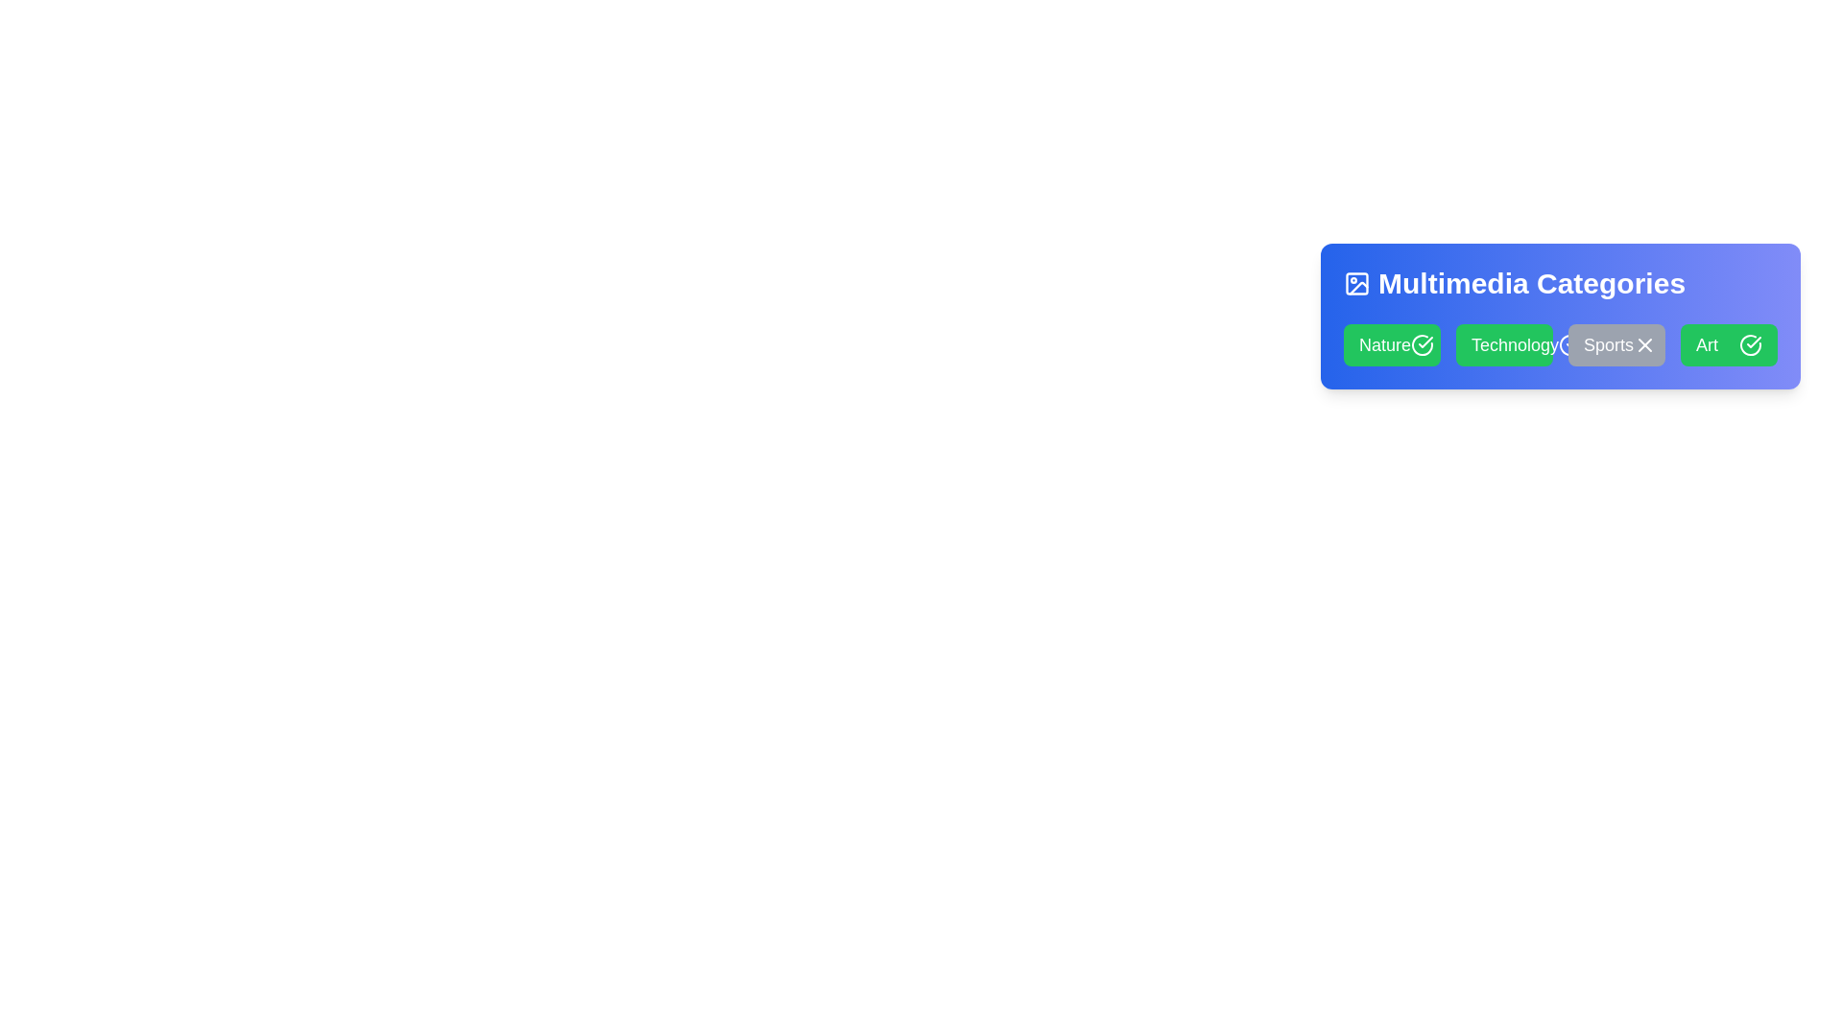  What do you see at coordinates (1707, 343) in the screenshot?
I see `text from the label displaying 'Art' which is styled with a green background and is part of a clickable button-like UI element` at bounding box center [1707, 343].